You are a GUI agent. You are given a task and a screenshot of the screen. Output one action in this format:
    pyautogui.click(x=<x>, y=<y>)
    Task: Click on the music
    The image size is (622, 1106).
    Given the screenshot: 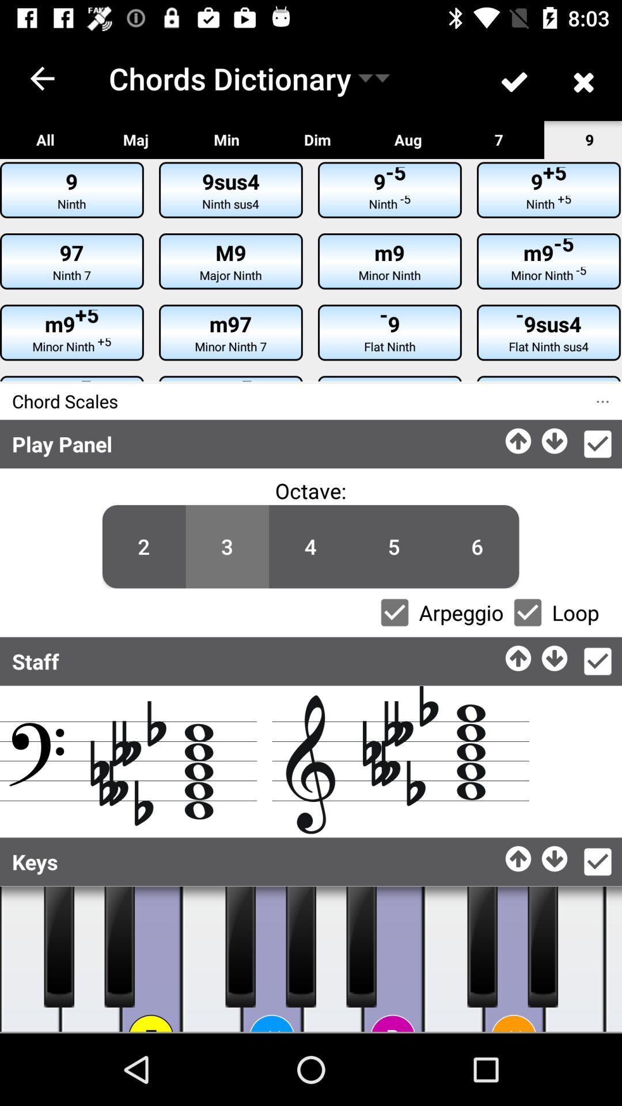 What is the action you would take?
    pyautogui.click(x=555, y=855)
    